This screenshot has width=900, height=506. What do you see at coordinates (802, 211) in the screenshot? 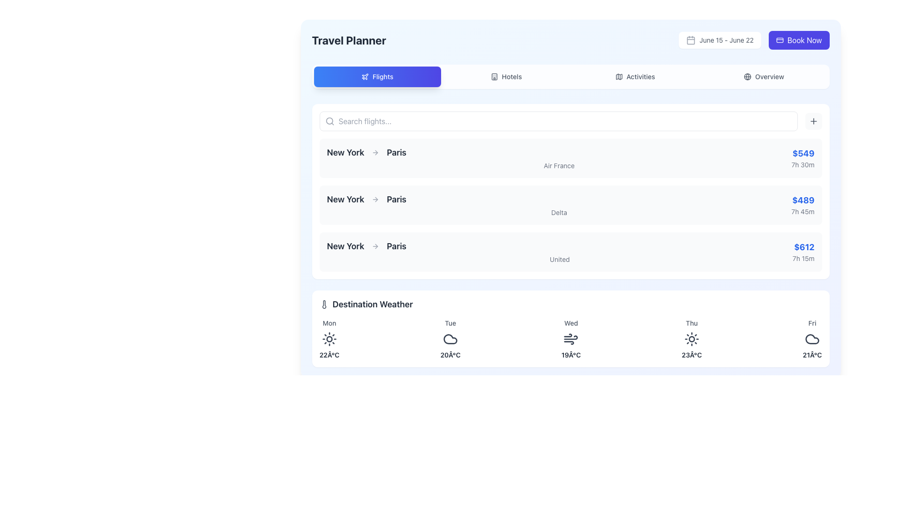
I see `the text label displaying the duration "7h 45m" which is styled in small gray text and positioned below the price "$489" in the flight search results` at bounding box center [802, 211].